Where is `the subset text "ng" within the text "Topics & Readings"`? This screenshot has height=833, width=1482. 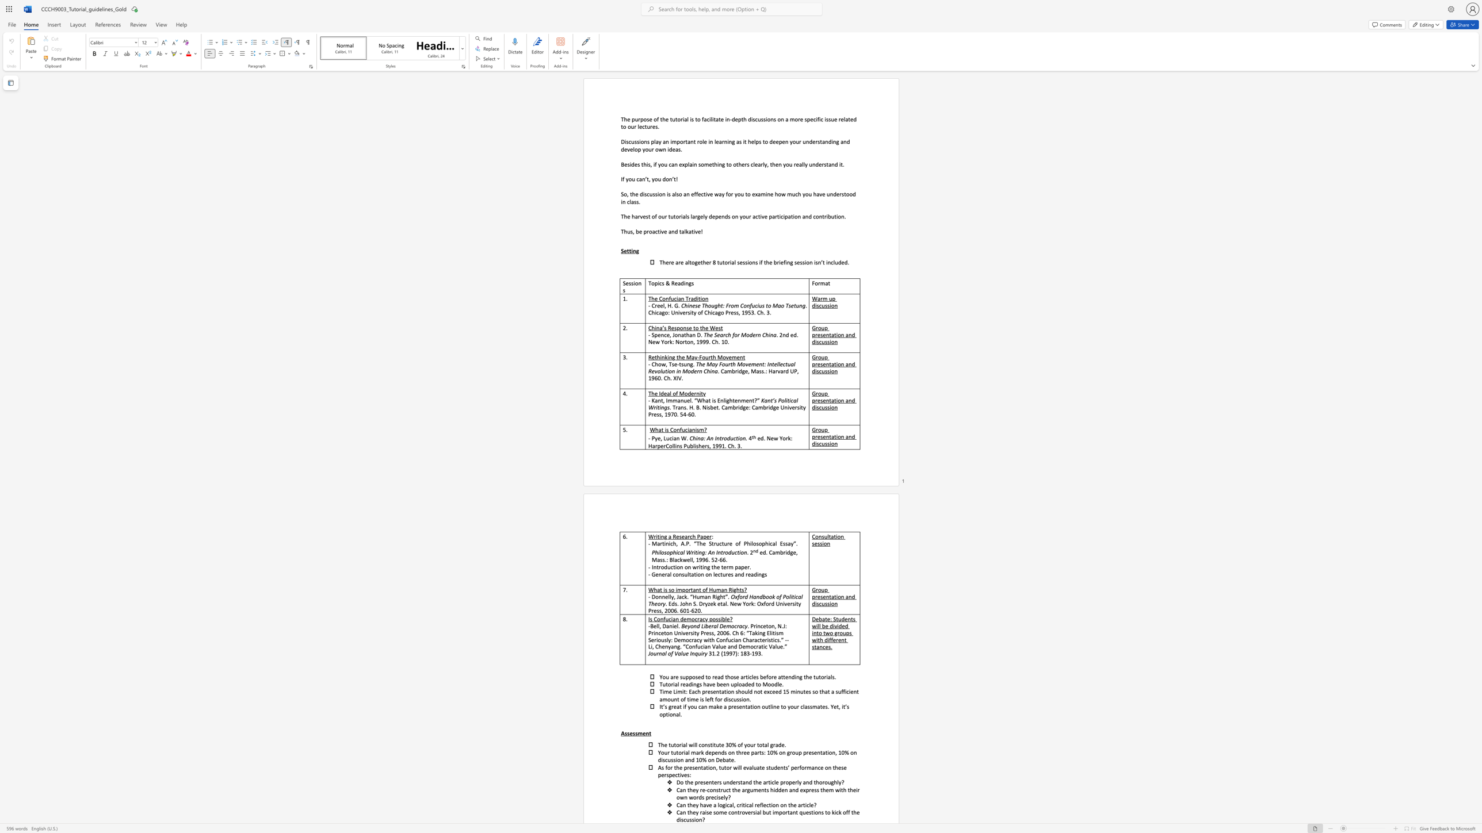
the subset text "ng" within the text "Topics & Readings" is located at coordinates (685, 283).